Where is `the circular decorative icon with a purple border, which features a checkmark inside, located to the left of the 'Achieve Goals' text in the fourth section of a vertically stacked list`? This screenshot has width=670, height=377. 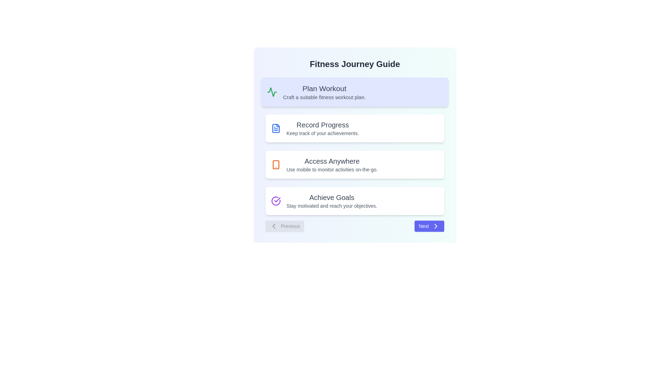
the circular decorative icon with a purple border, which features a checkmark inside, located to the left of the 'Achieve Goals' text in the fourth section of a vertically stacked list is located at coordinates (276, 201).